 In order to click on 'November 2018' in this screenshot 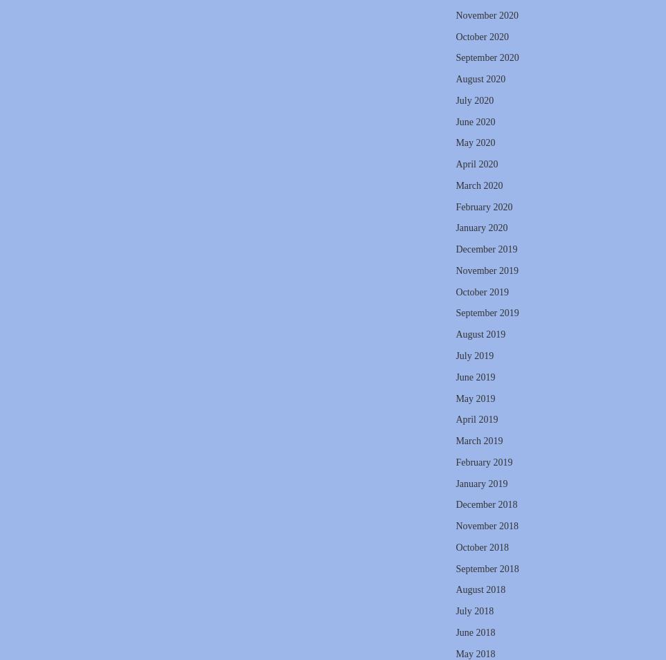, I will do `click(486, 526)`.